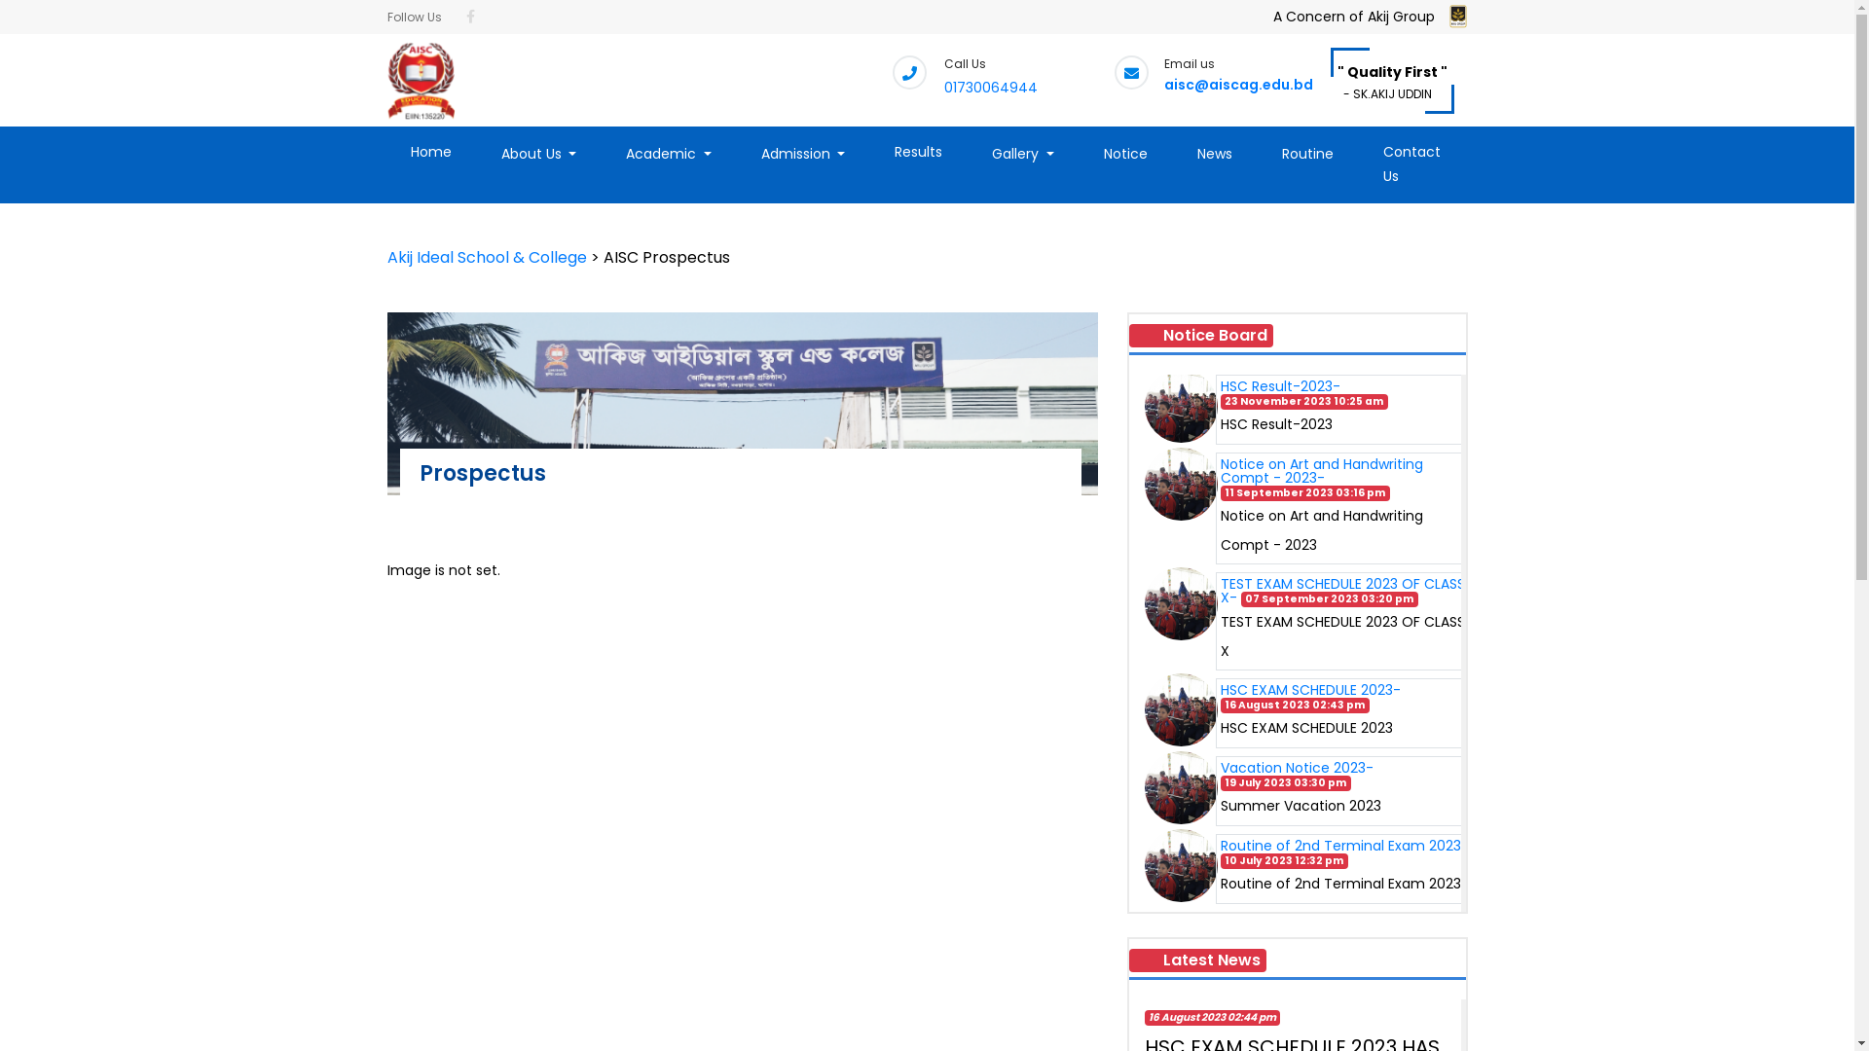 The width and height of the screenshot is (1869, 1051). I want to click on 'A Concern of Akij Group', so click(1273, 28).